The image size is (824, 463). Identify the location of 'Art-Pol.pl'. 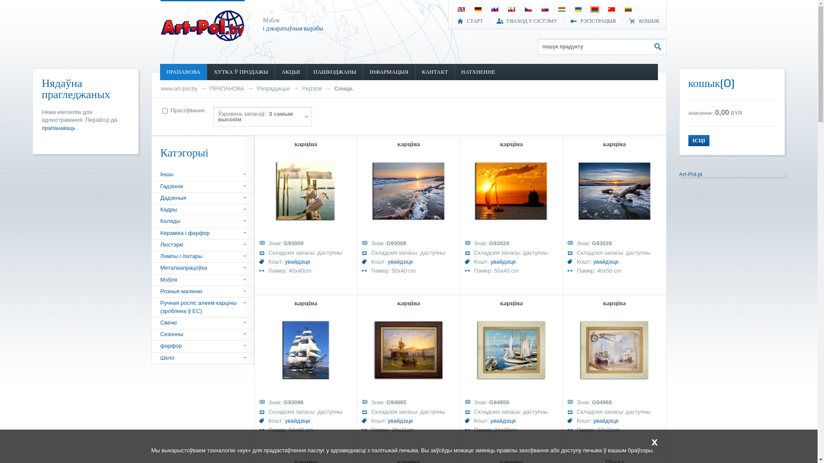
(690, 174).